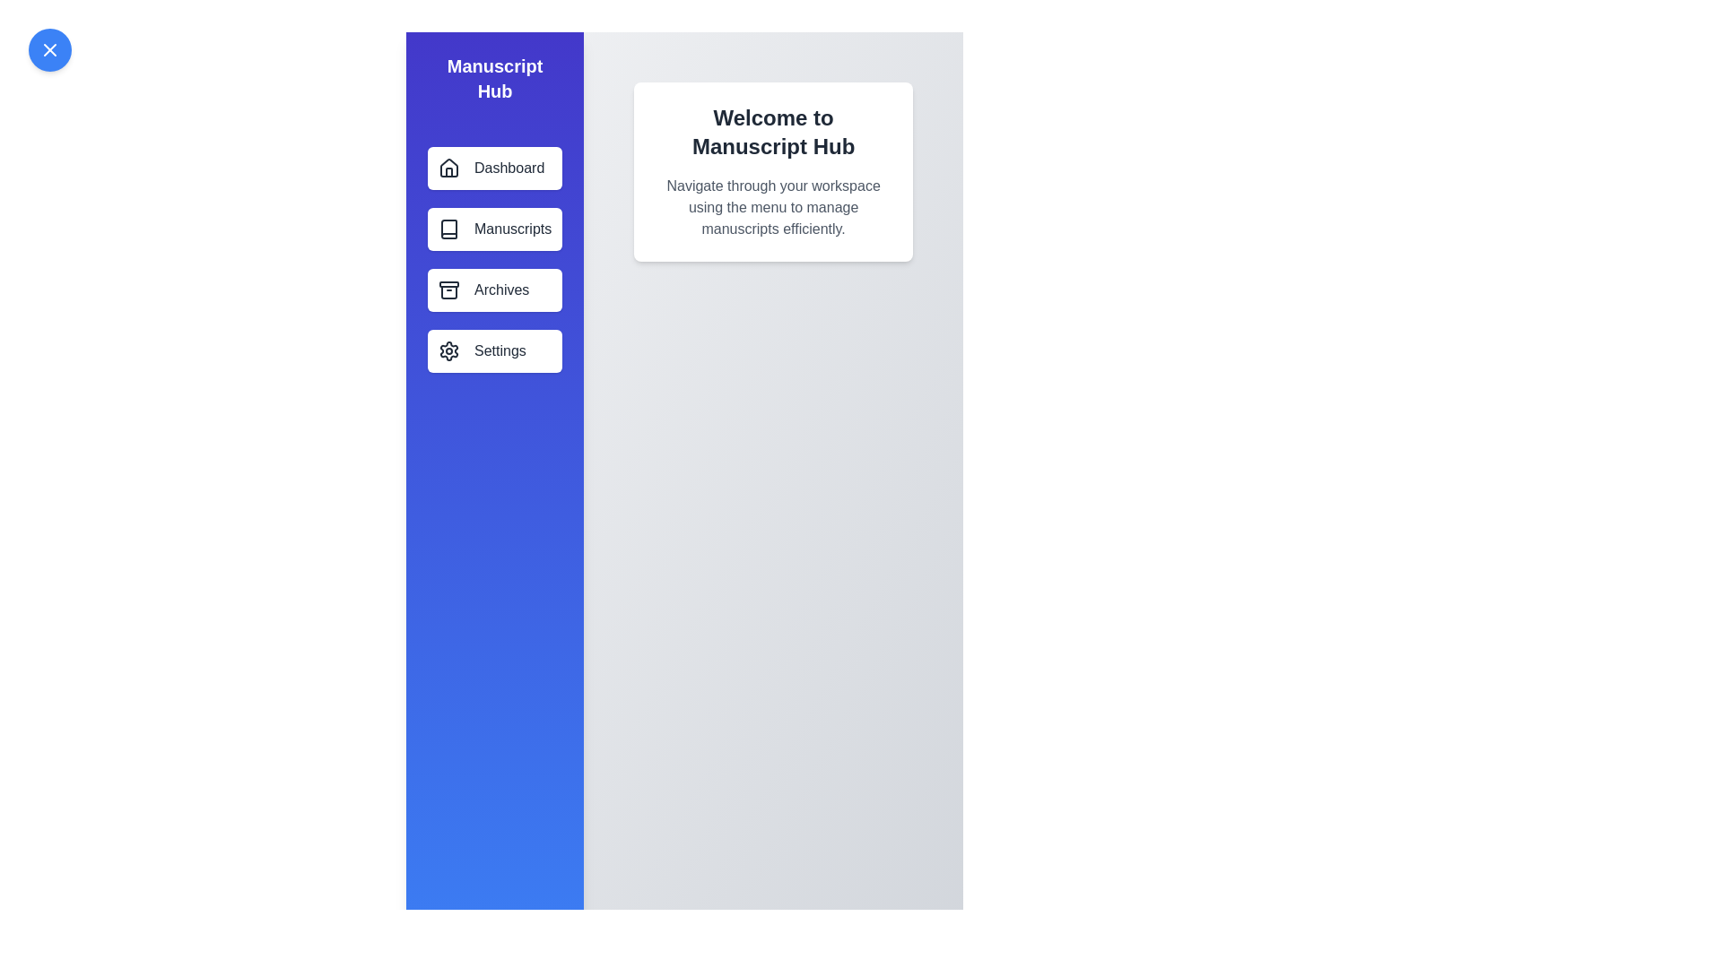  Describe the element at coordinates (50, 49) in the screenshot. I see `the toggle button to close the navigation drawer` at that location.